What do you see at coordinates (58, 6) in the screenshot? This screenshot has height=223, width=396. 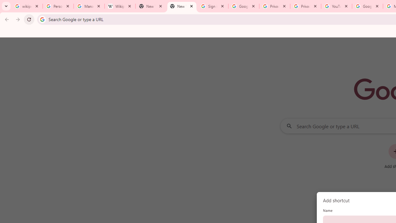 I see `'Personalization & Google Search results - Google Search Help'` at bounding box center [58, 6].